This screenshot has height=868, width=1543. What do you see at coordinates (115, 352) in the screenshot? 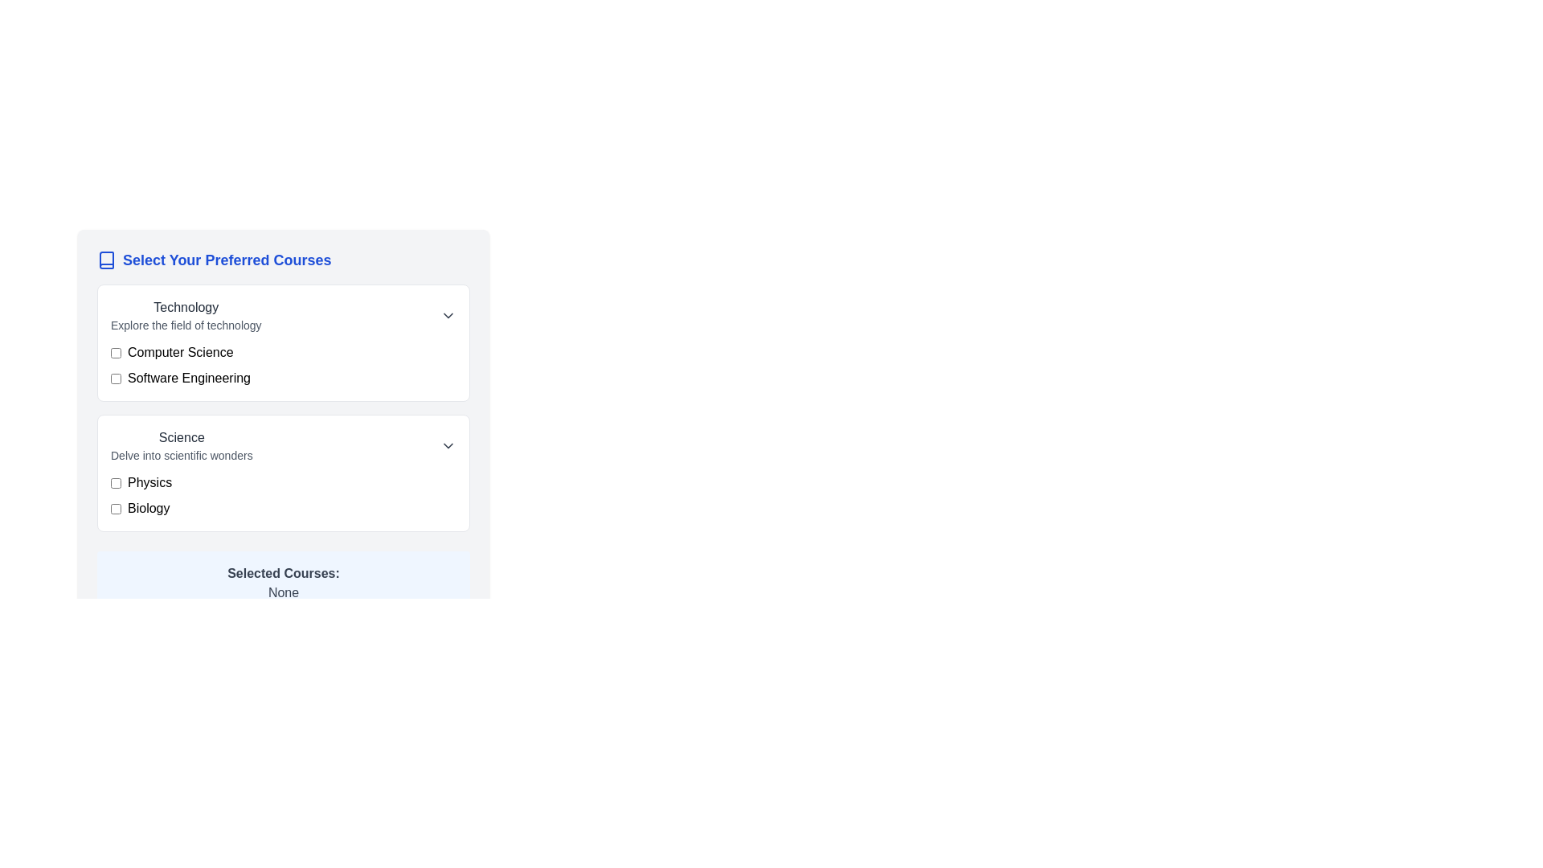
I see `the checkbox located to the left of the 'Computer Science' label in the 'Select Your Preferred Courses' section to trigger hover effects` at bounding box center [115, 352].